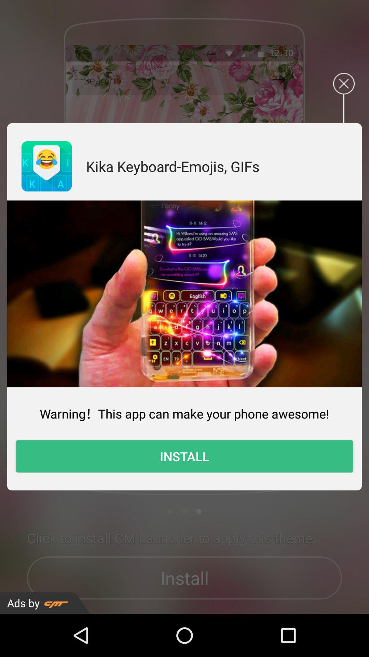  Describe the element at coordinates (184, 413) in the screenshot. I see `button above install button` at that location.